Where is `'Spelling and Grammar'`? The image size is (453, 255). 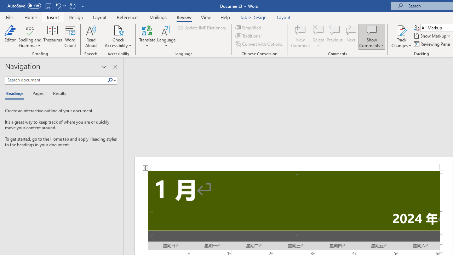 'Spelling and Grammar' is located at coordinates (30, 30).